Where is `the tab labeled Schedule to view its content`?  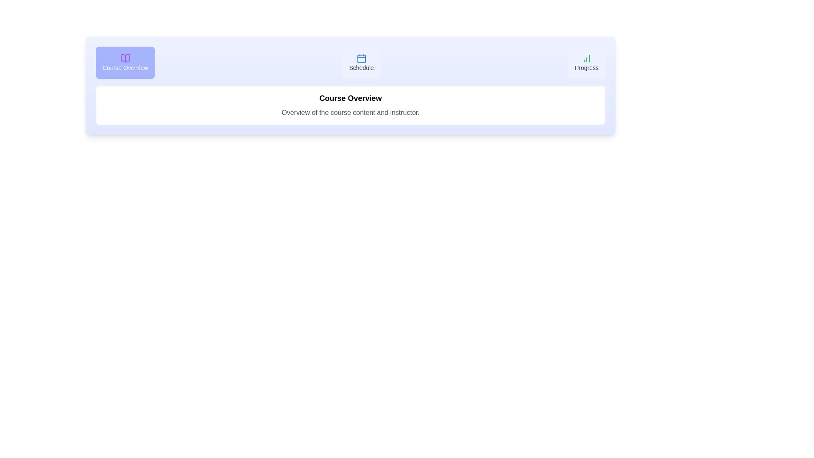 the tab labeled Schedule to view its content is located at coordinates (361, 62).